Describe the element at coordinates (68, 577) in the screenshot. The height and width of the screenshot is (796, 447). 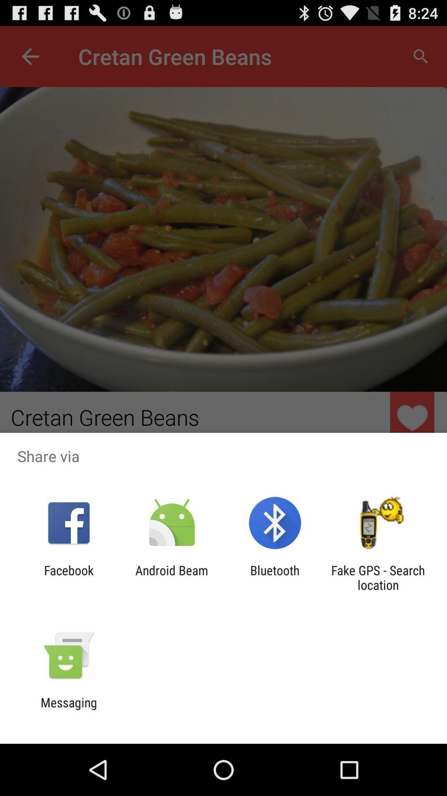
I see `the facebook item` at that location.